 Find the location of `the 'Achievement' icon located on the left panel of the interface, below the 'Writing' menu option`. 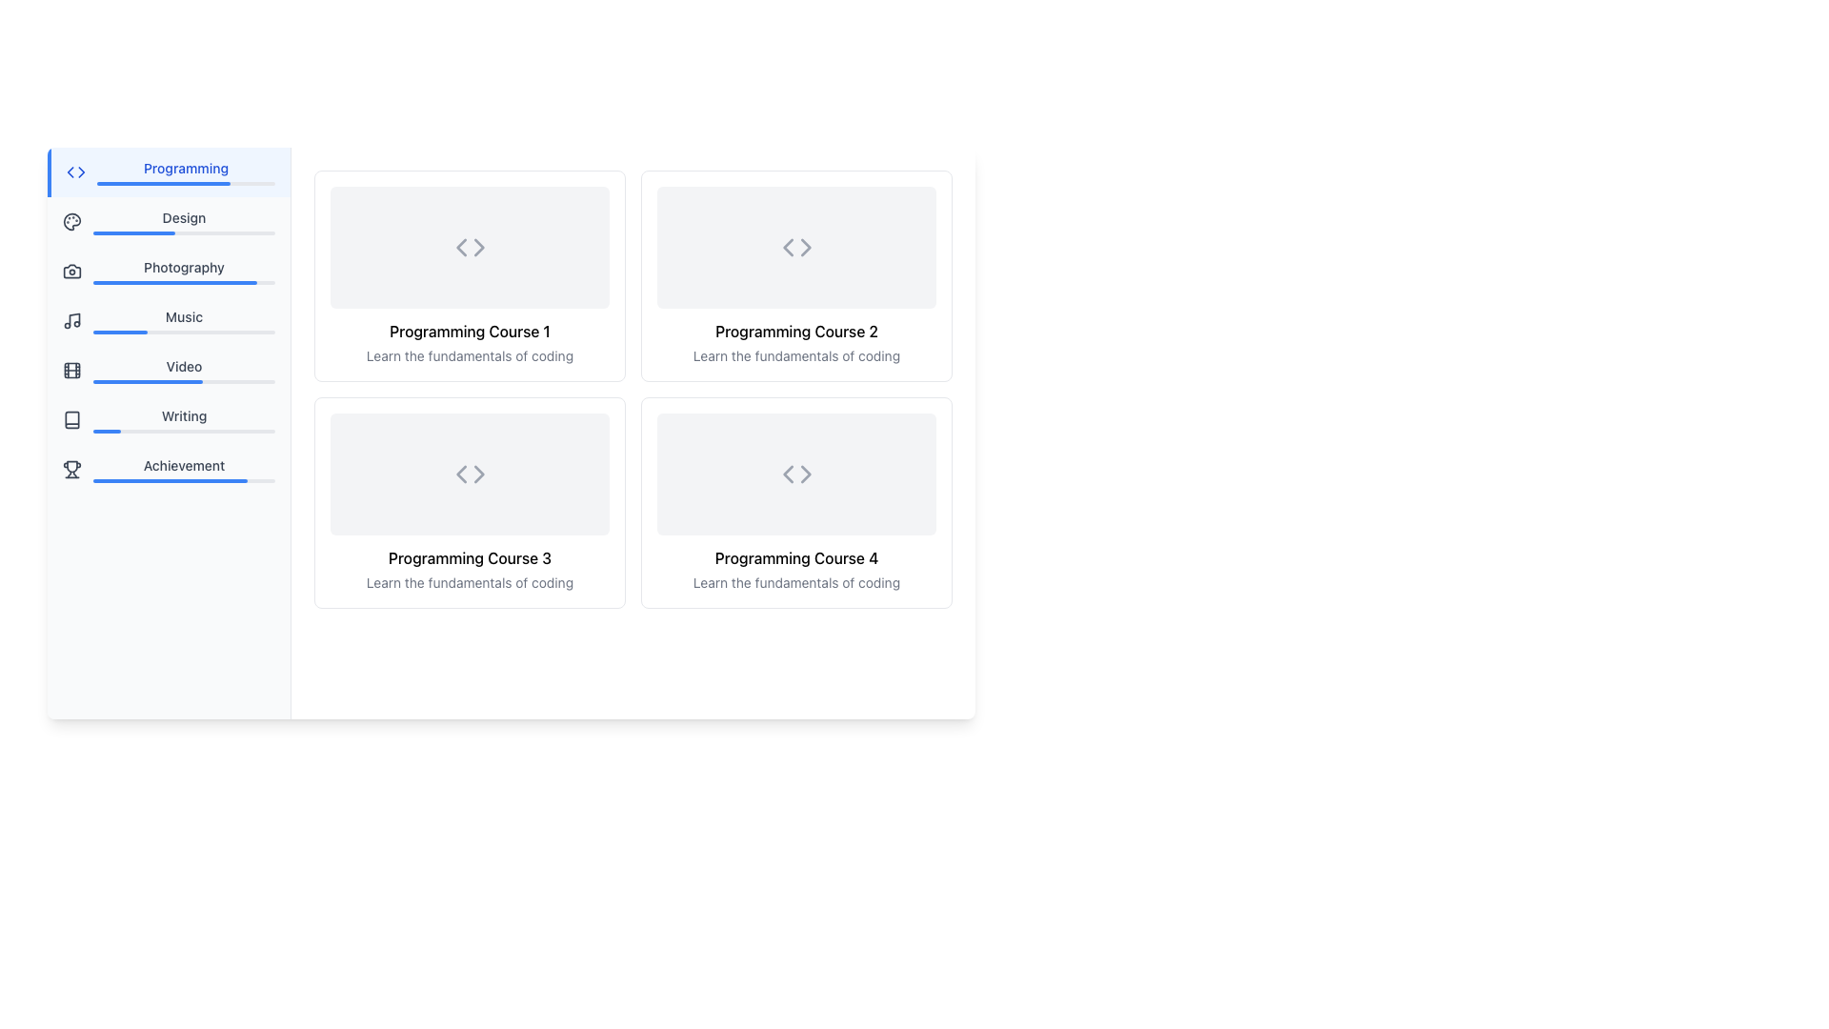

the 'Achievement' icon located on the left panel of the interface, below the 'Writing' menu option is located at coordinates (72, 470).